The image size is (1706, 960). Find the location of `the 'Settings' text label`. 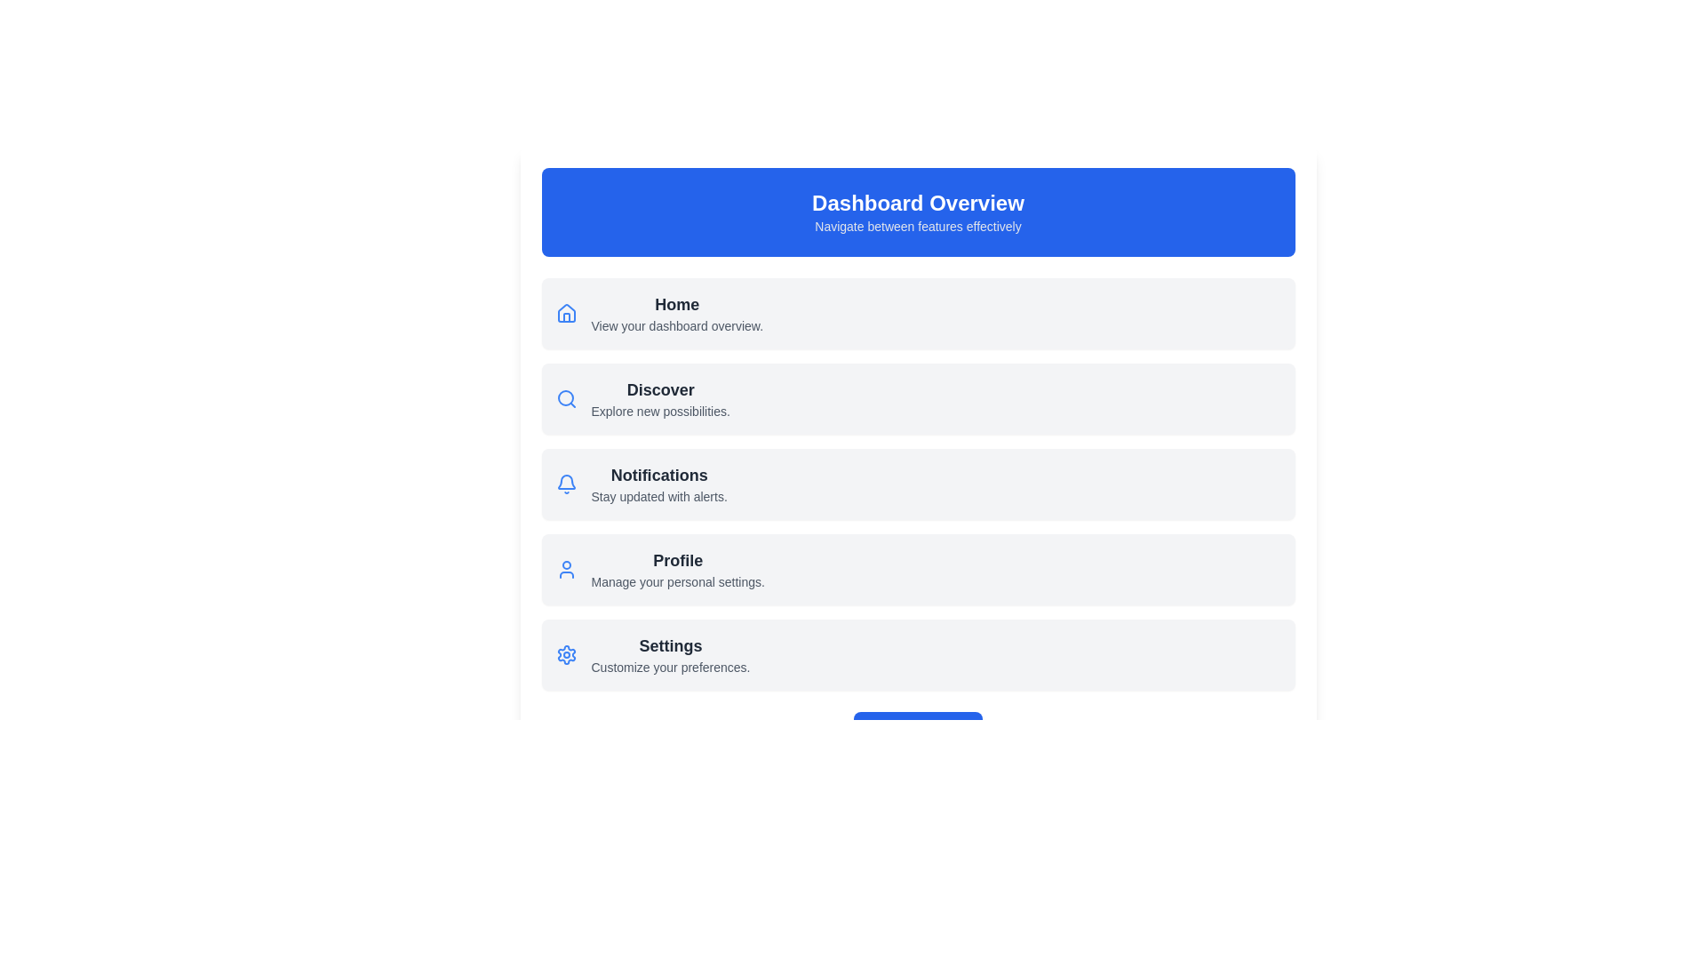

the 'Settings' text label is located at coordinates (669, 654).